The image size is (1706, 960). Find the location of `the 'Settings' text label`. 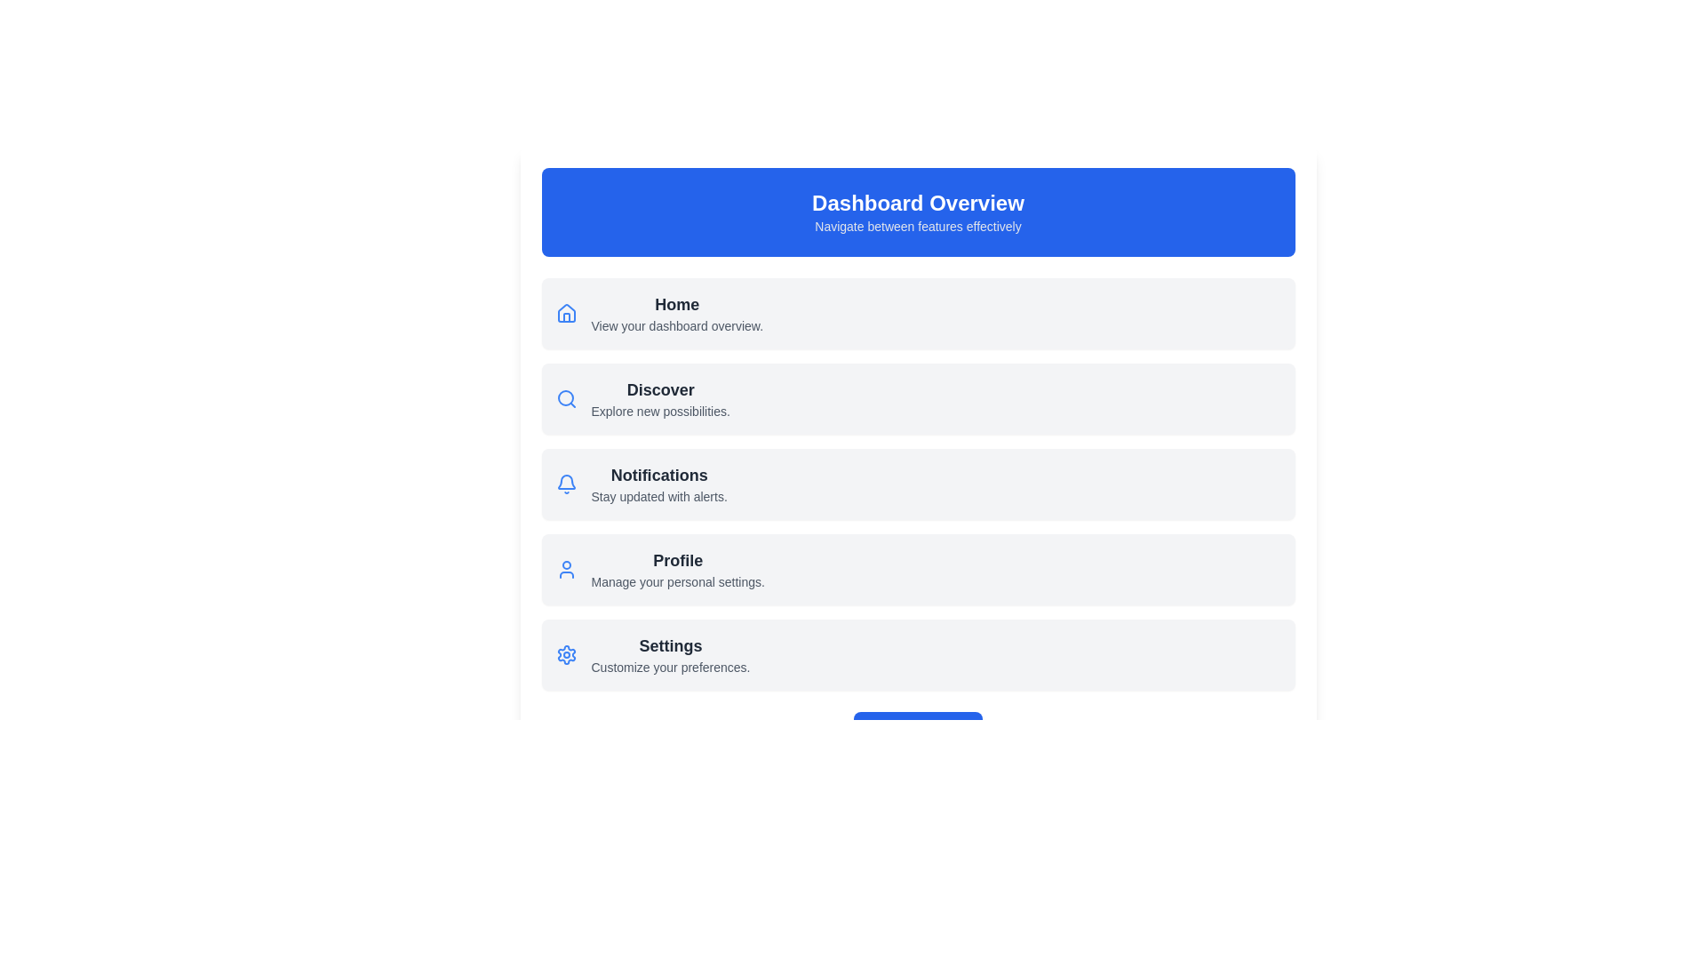

the 'Settings' text label is located at coordinates (669, 654).